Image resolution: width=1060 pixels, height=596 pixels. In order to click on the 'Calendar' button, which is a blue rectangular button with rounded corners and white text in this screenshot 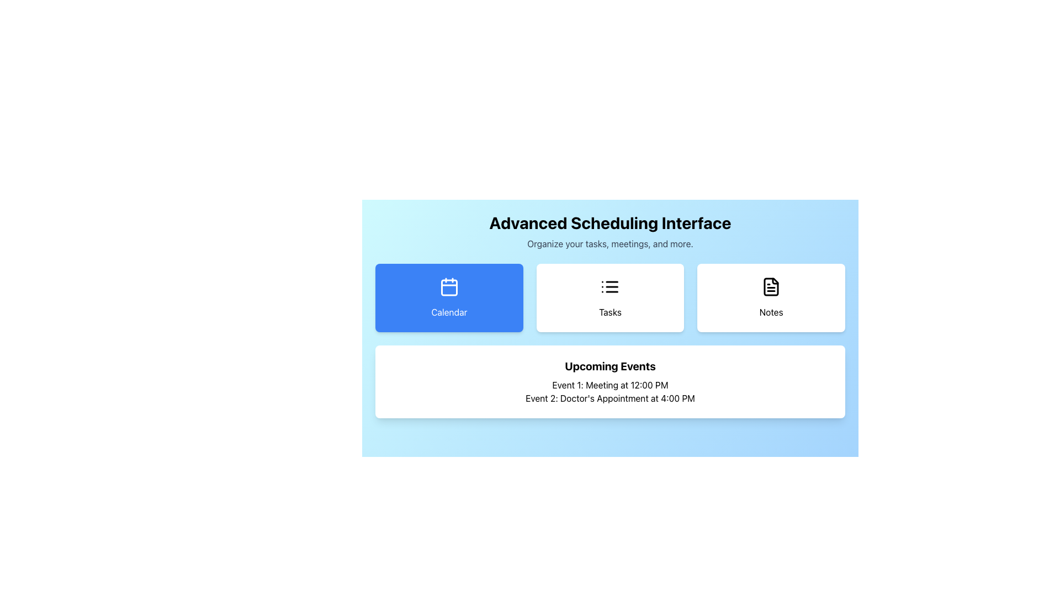, I will do `click(449, 298)`.